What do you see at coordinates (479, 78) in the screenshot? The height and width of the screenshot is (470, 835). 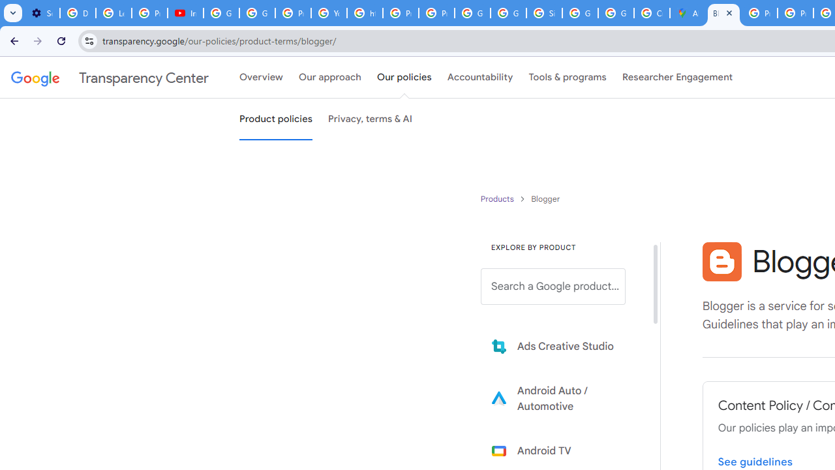 I see `'Accountability'` at bounding box center [479, 78].